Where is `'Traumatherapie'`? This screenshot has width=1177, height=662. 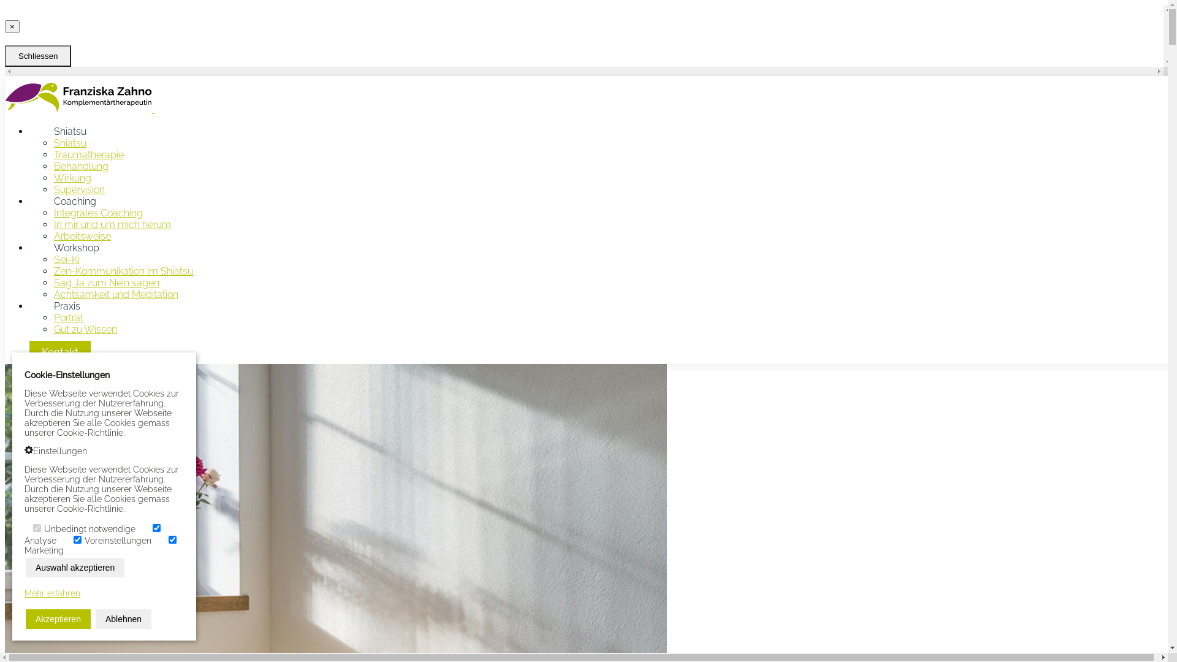 'Traumatherapie' is located at coordinates (88, 154).